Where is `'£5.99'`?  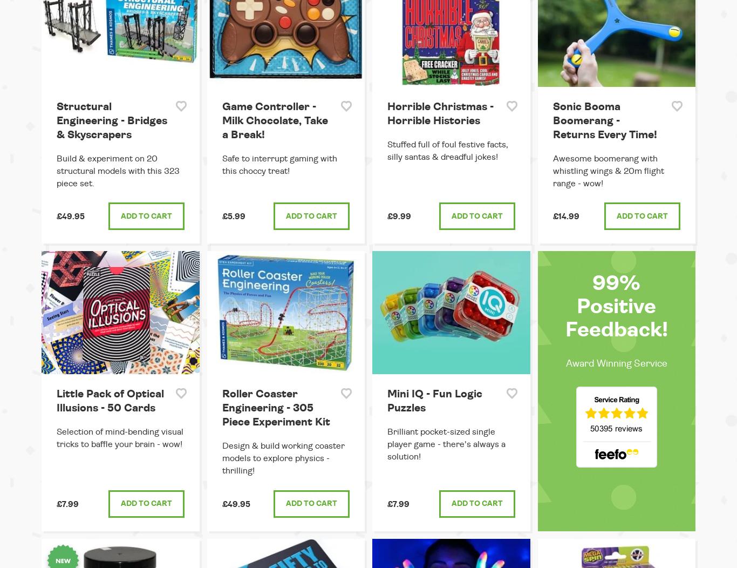 '£5.99' is located at coordinates (233, 216).